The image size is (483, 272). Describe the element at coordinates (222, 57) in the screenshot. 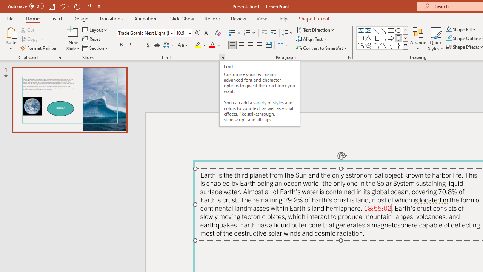

I see `'Font...'` at that location.